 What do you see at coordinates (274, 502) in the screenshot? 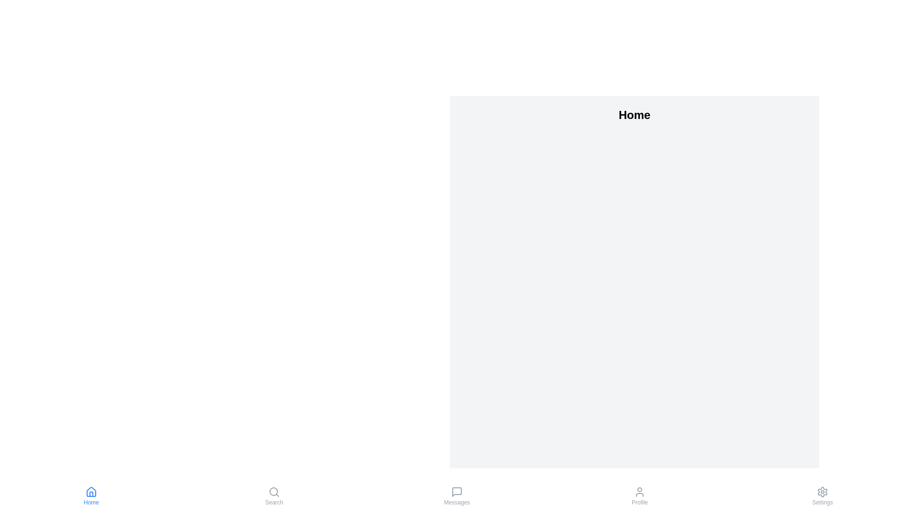
I see `the Text Label displaying 'Search' in light gray font, located in the bottom navigation bar under the search icon` at bounding box center [274, 502].